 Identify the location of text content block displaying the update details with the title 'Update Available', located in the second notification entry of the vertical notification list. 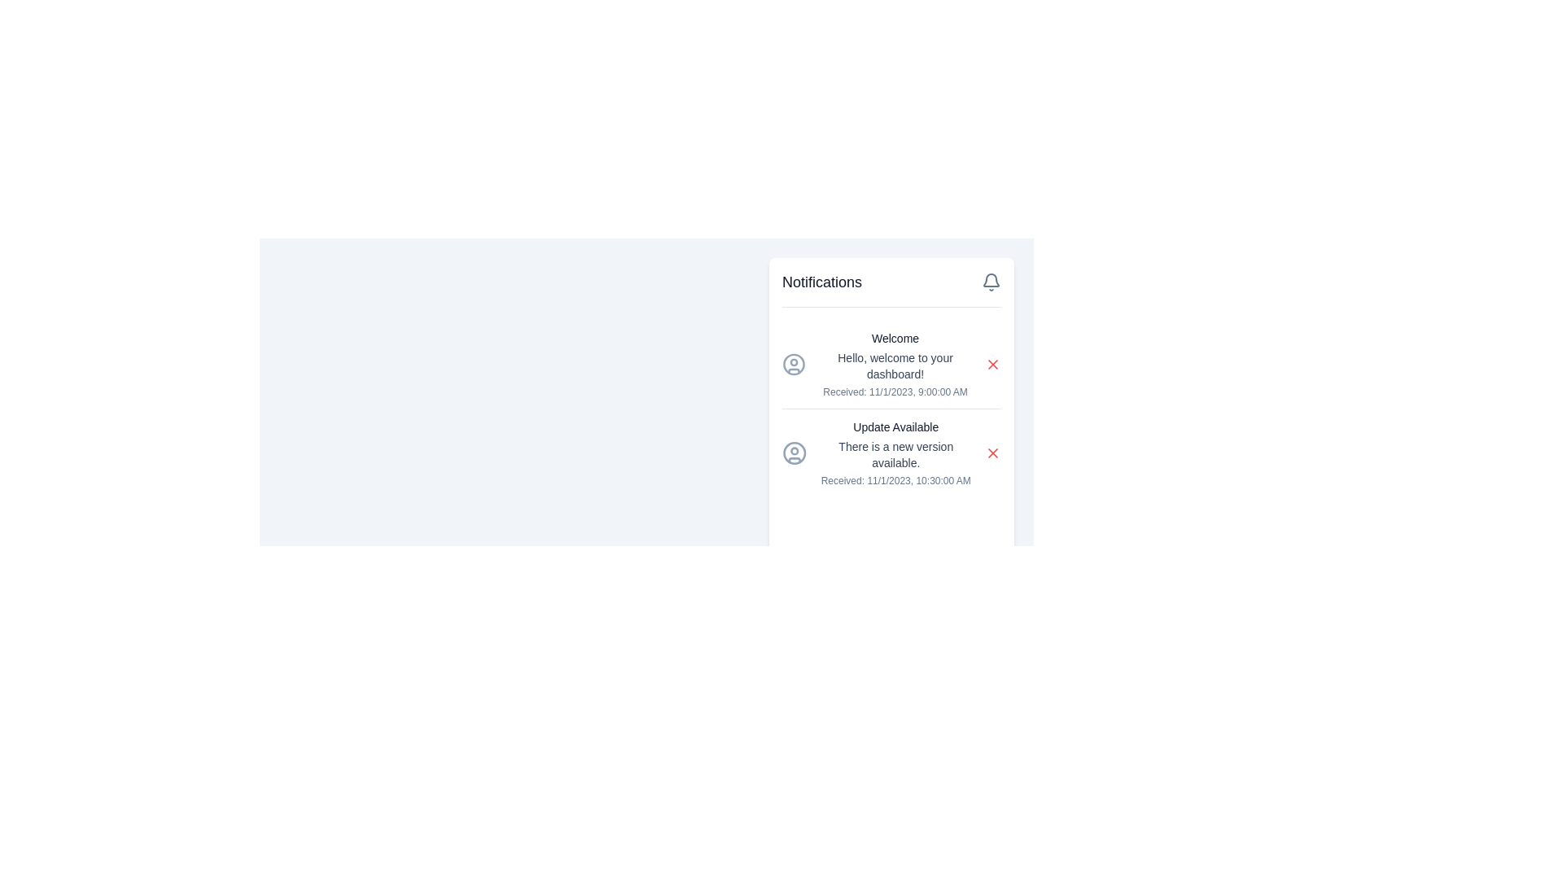
(895, 453).